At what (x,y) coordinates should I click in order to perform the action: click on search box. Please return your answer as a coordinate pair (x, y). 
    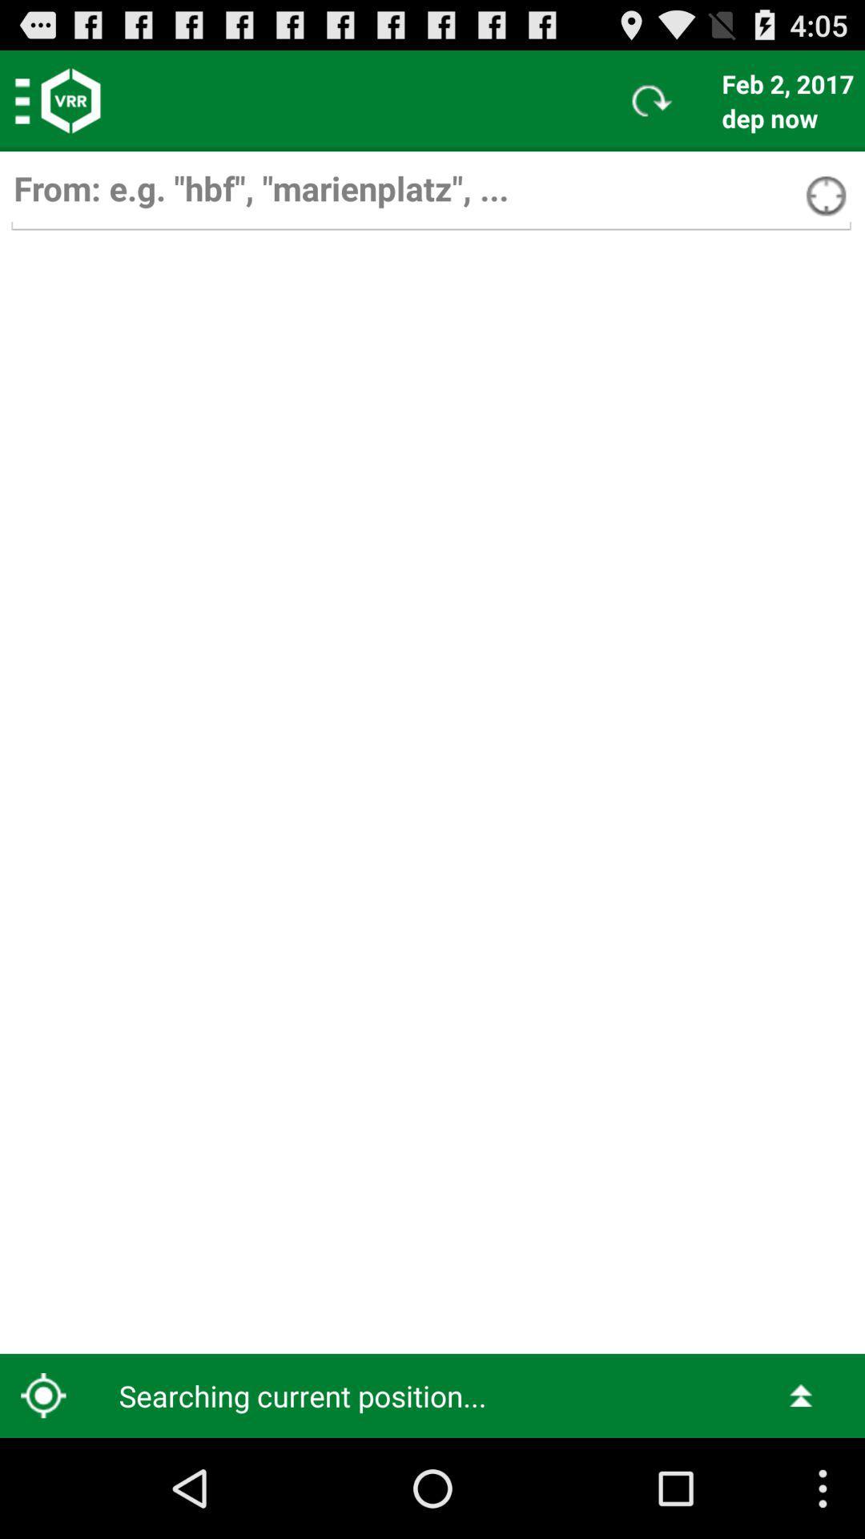
    Looking at the image, I should click on (430, 196).